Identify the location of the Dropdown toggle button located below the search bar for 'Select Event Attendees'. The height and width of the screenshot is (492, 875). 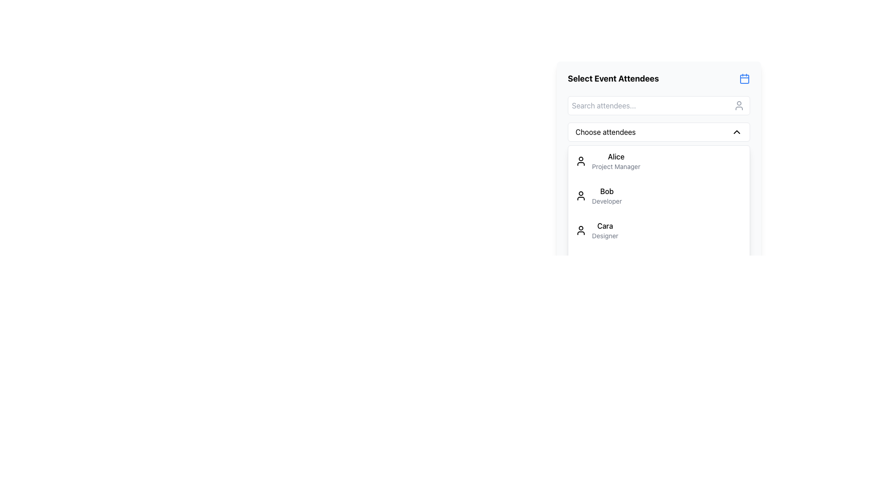
(659, 132).